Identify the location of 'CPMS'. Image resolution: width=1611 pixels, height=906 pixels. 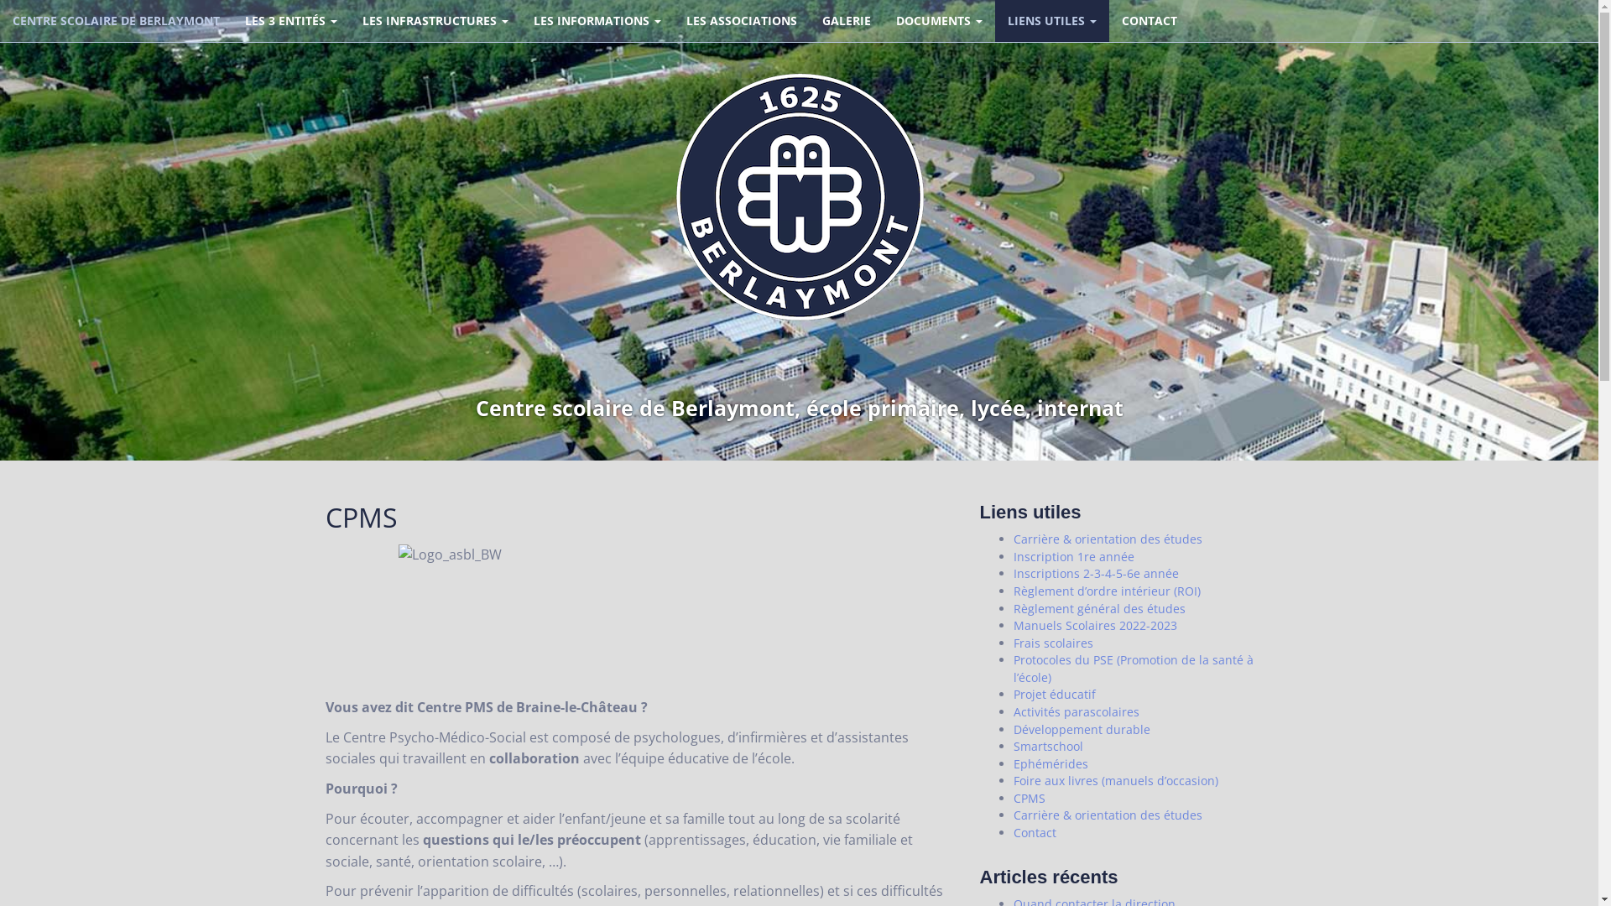
(1029, 797).